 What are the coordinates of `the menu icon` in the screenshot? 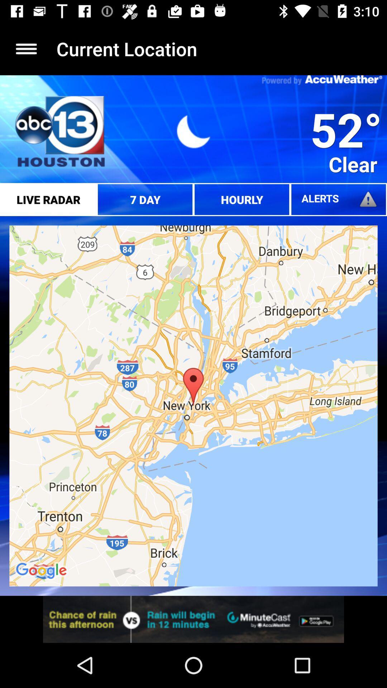 It's located at (26, 48).